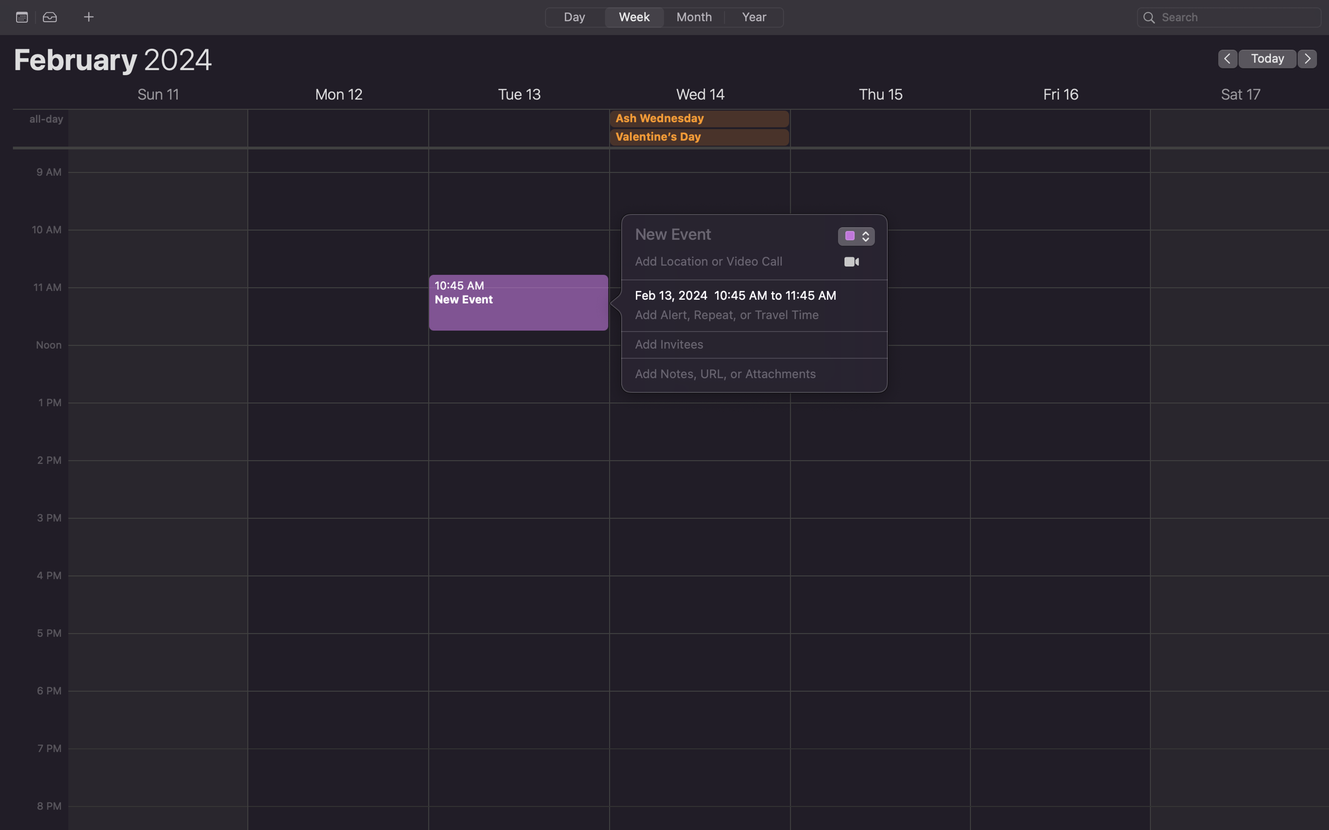 The image size is (1329, 830). Describe the element at coordinates (742, 345) in the screenshot. I see `Add the invitee with email "jane@gmail.com"` at that location.